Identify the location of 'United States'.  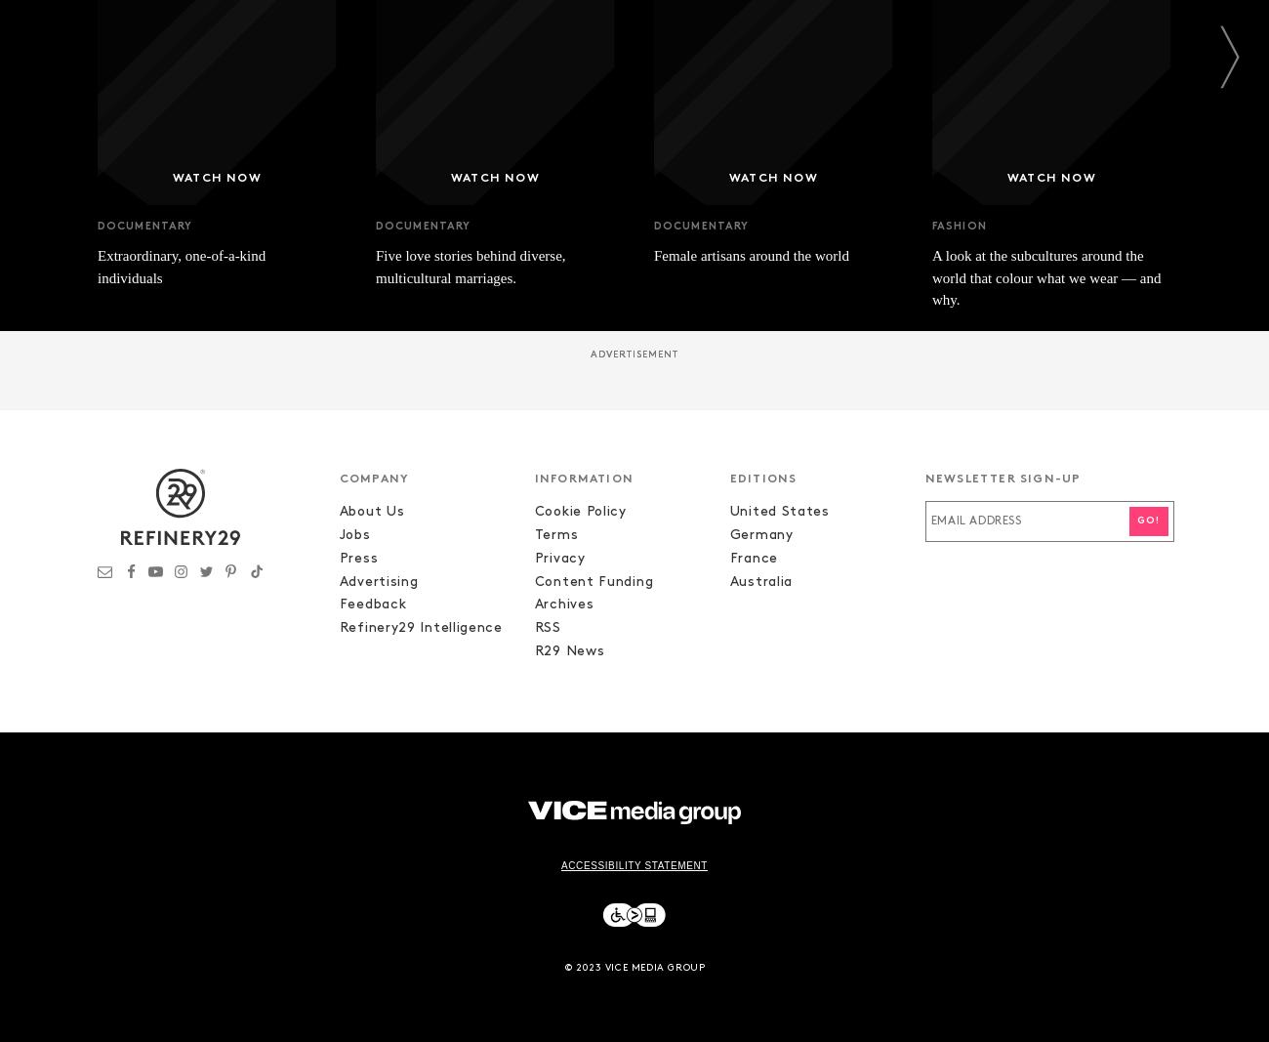
(777, 511).